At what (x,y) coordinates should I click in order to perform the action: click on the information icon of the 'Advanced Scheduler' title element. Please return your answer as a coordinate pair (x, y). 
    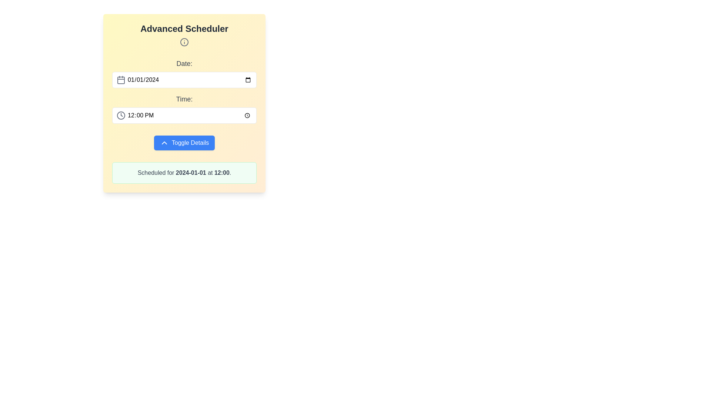
    Looking at the image, I should click on (184, 34).